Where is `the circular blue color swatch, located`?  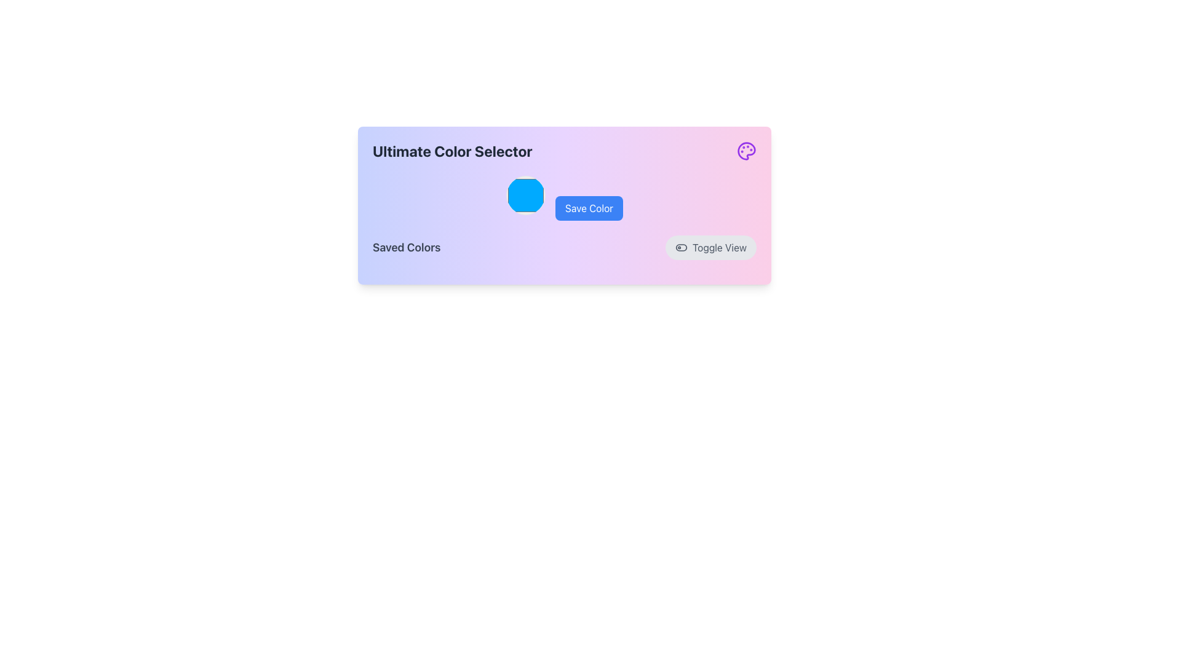
the circular blue color swatch, located is located at coordinates (525, 194).